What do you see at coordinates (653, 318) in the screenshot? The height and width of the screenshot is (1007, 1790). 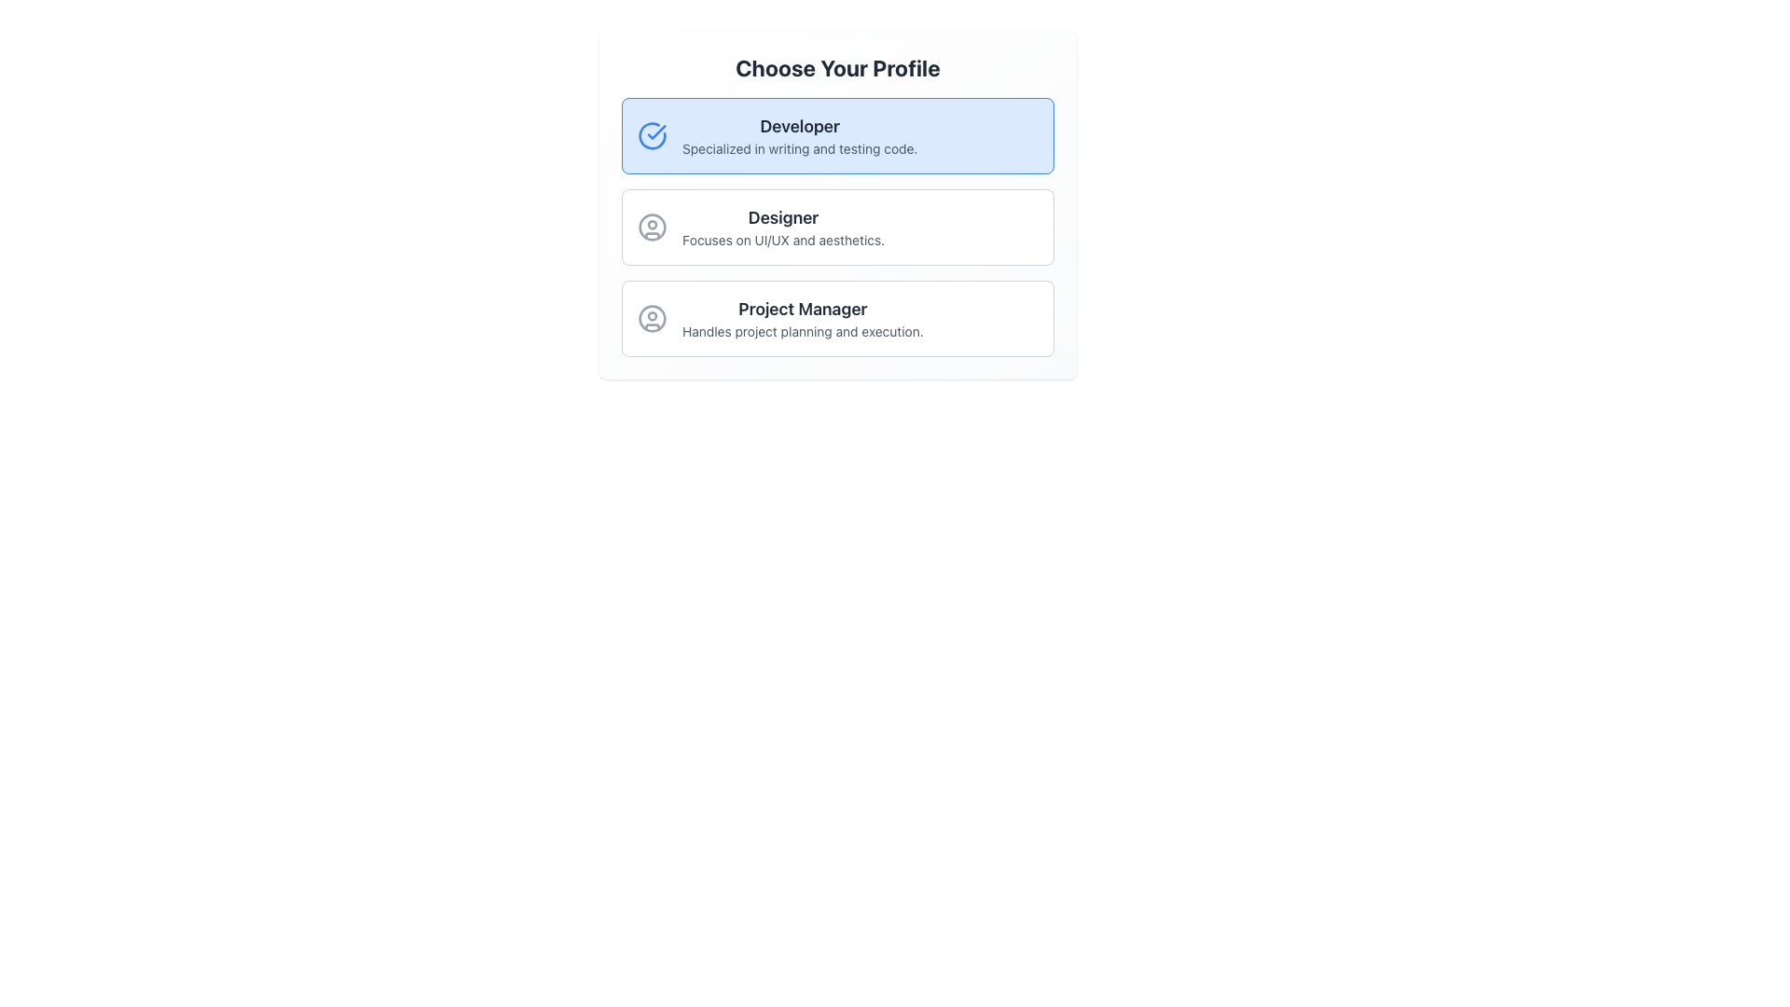 I see `the circular avatar icon representing the user profile, which has a gray outline and a silhouette of a person, located to the left of the 'Project Manager' title` at bounding box center [653, 318].